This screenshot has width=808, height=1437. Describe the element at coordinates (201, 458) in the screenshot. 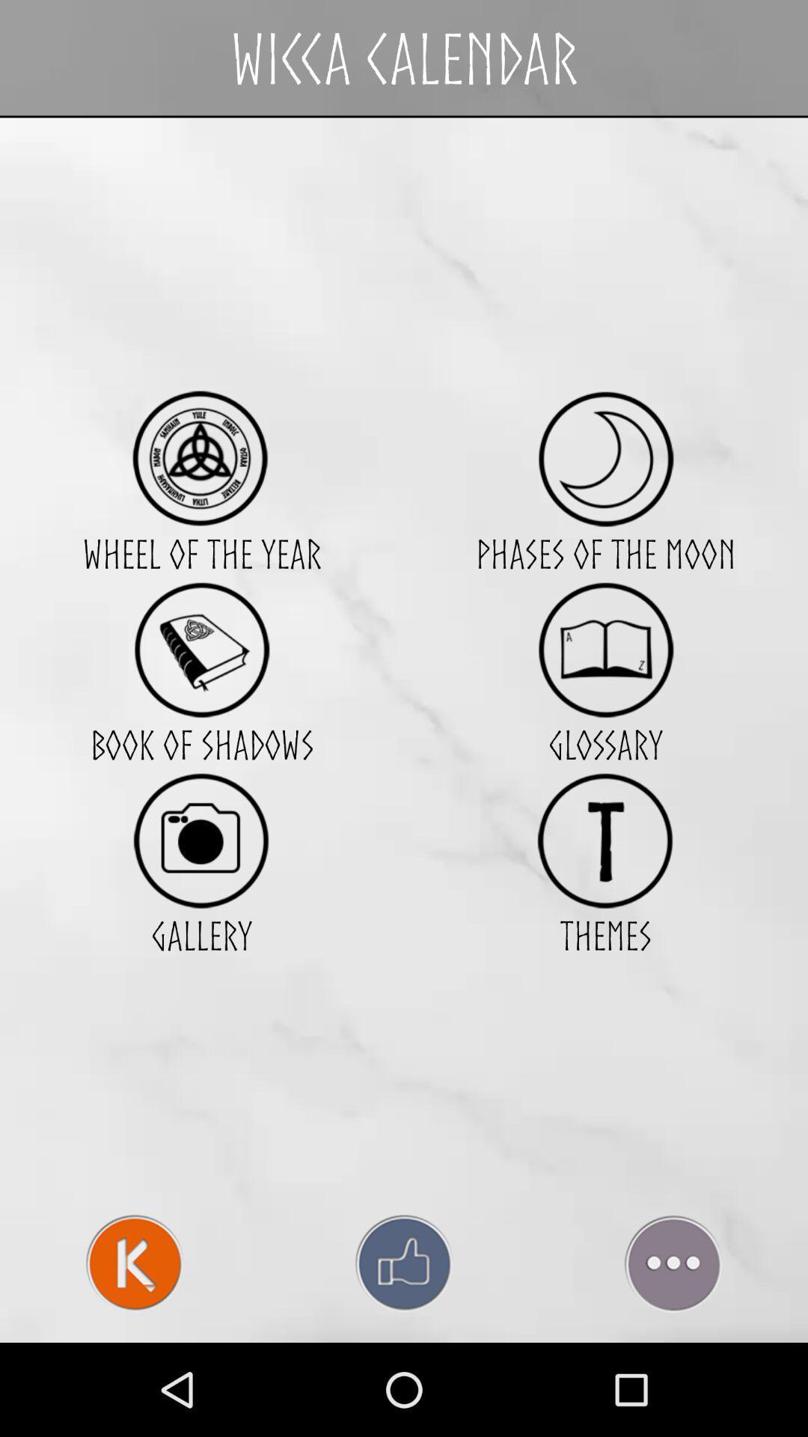

I see `the app next to phases of the icon` at that location.